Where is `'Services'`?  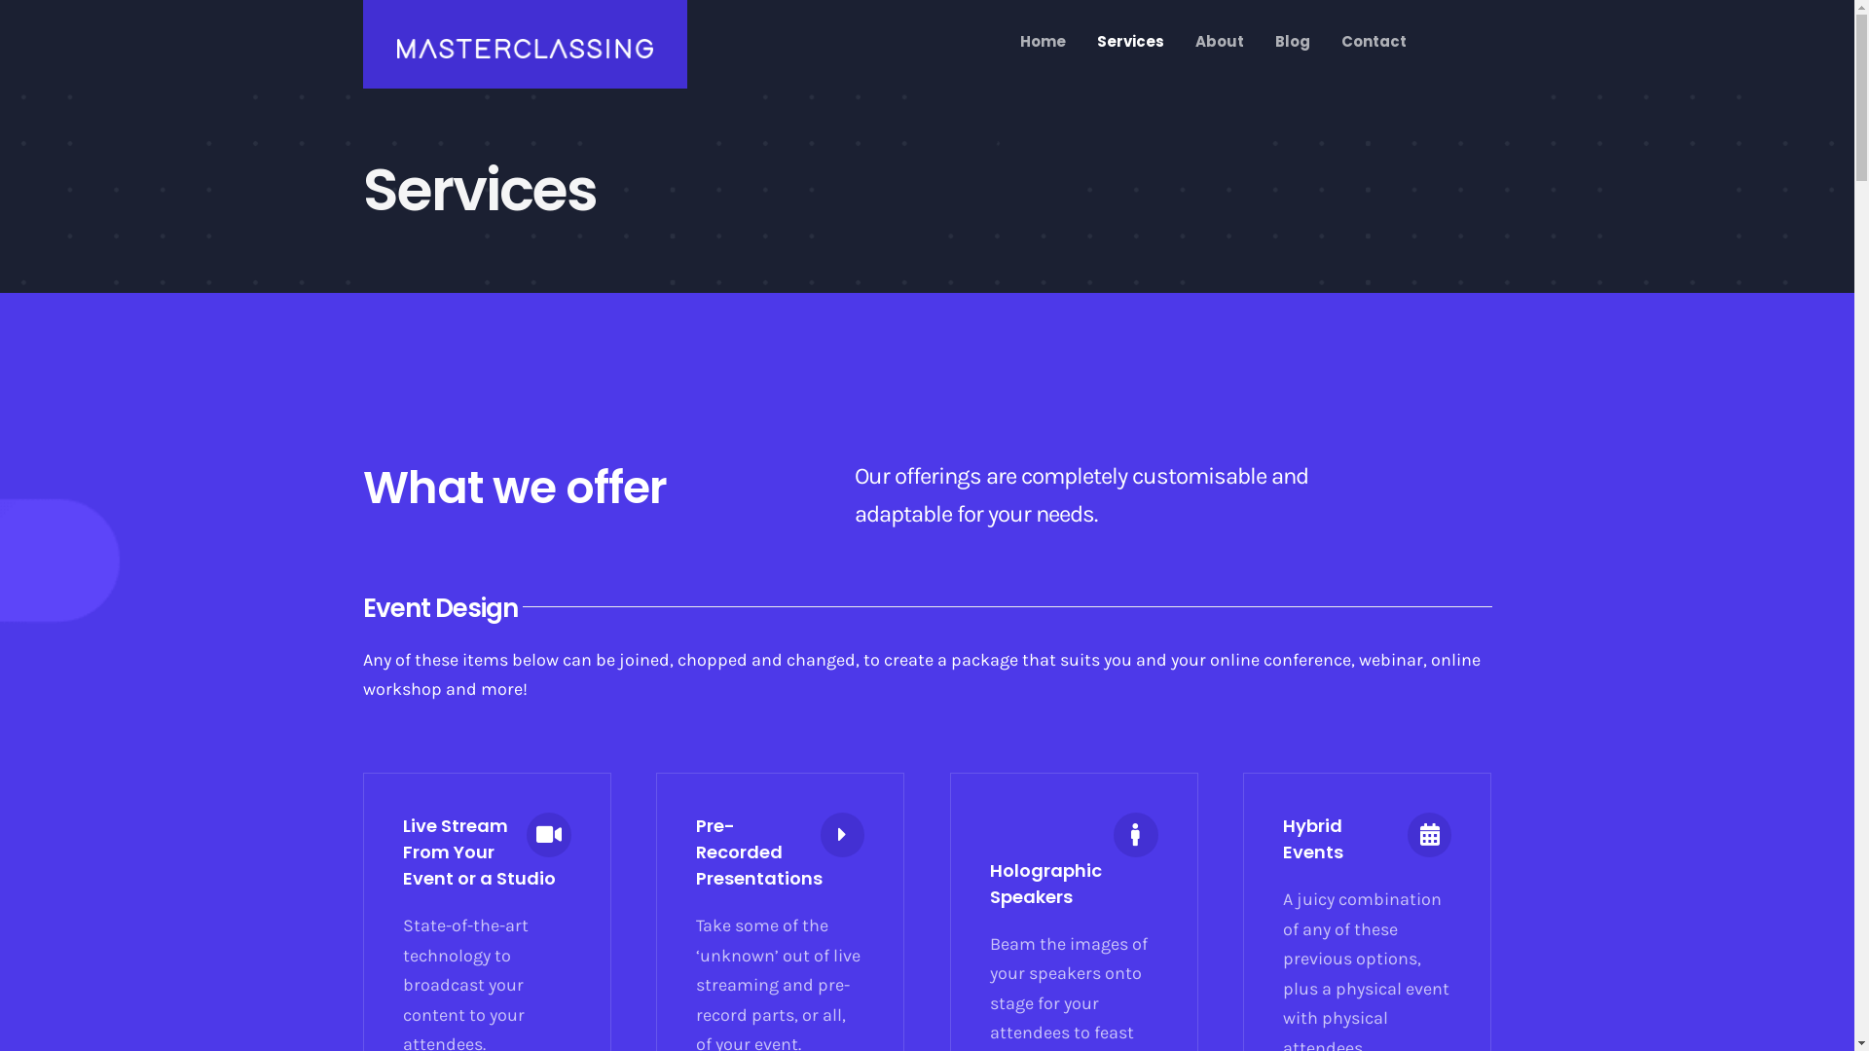 'Services' is located at coordinates (1130, 41).